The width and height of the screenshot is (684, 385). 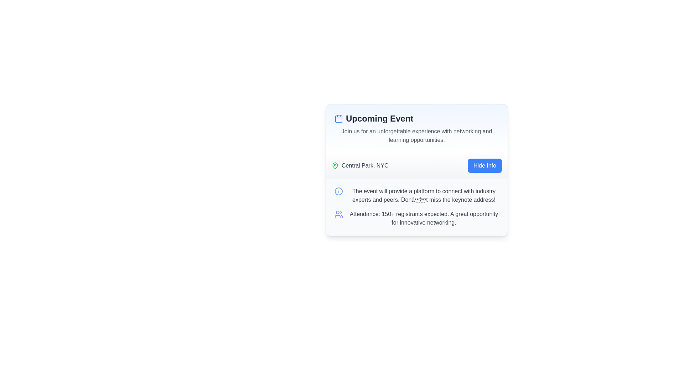 I want to click on the geographical location icon positioned in the upper-middle of the event information card, to the left of the text 'Central Park, NYC', so click(x=335, y=165).